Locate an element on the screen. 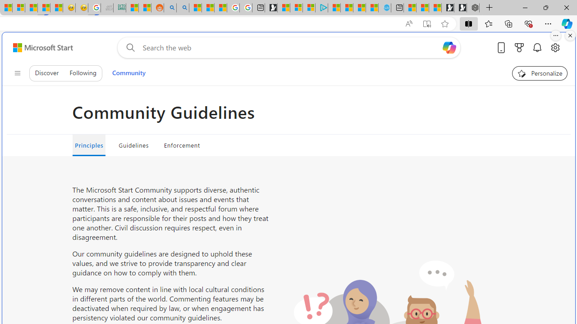 Image resolution: width=577 pixels, height=324 pixels. 'Home | Sky Blue Bikes - Sky Blue Bikes' is located at coordinates (385, 8).